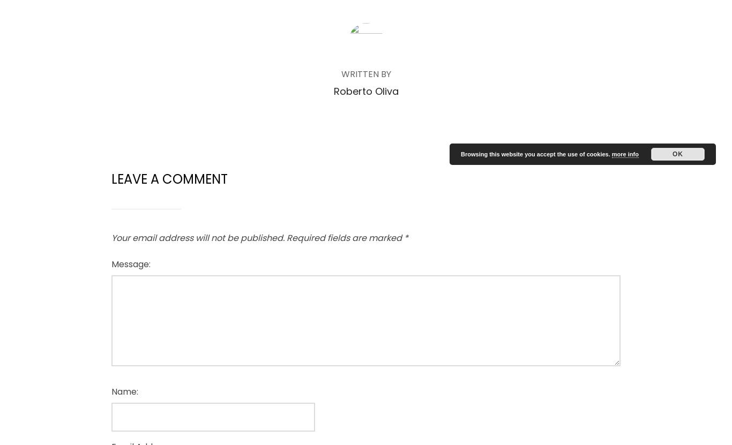 Image resolution: width=732 pixels, height=445 pixels. Describe the element at coordinates (345, 237) in the screenshot. I see `'Required fields are marked'` at that location.